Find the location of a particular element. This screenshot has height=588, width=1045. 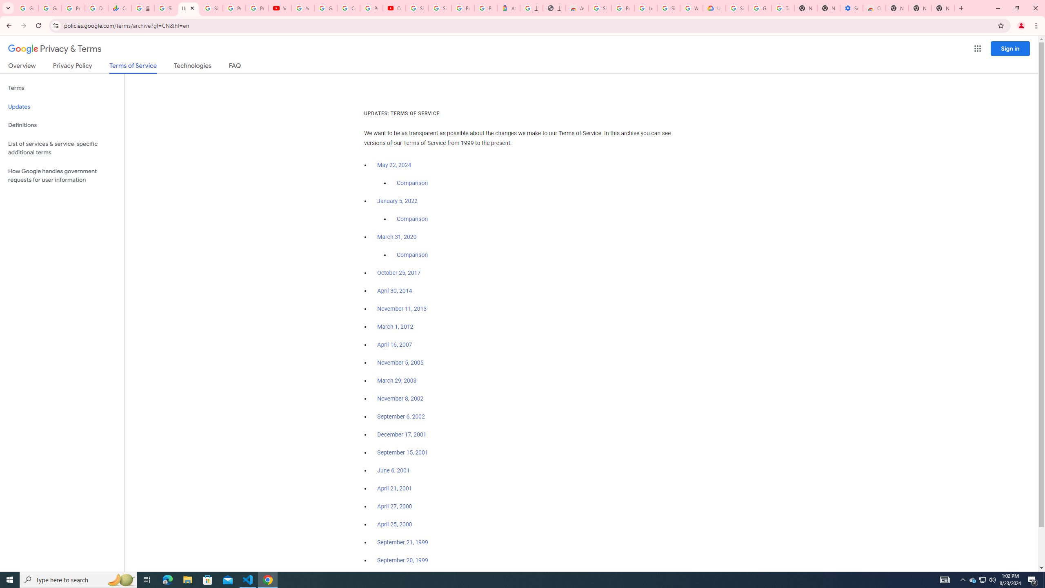

'Create your Google Account' is located at coordinates (348, 8).